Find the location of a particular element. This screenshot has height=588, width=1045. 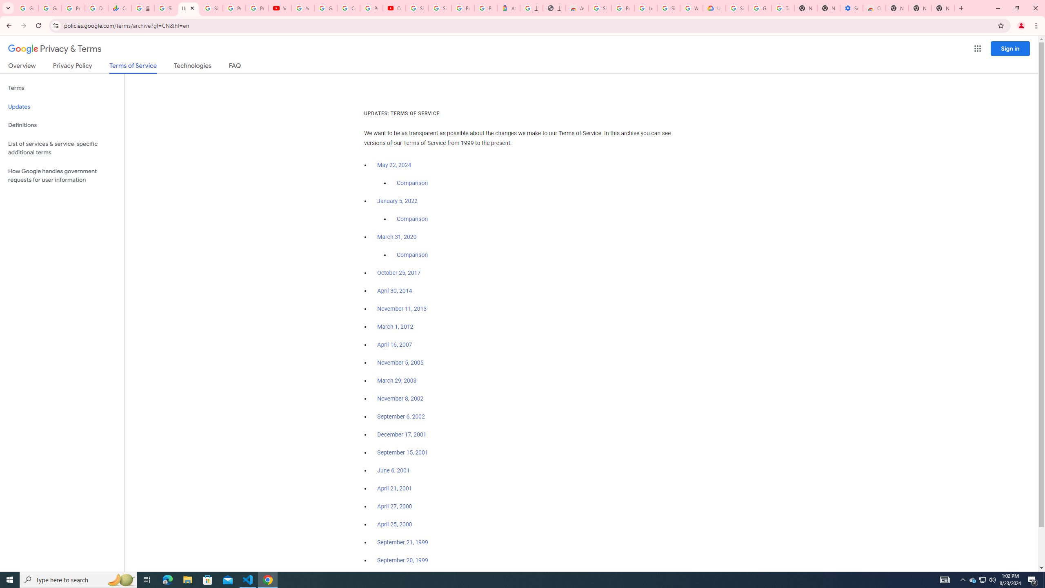

'Create your Google Account' is located at coordinates (348, 8).